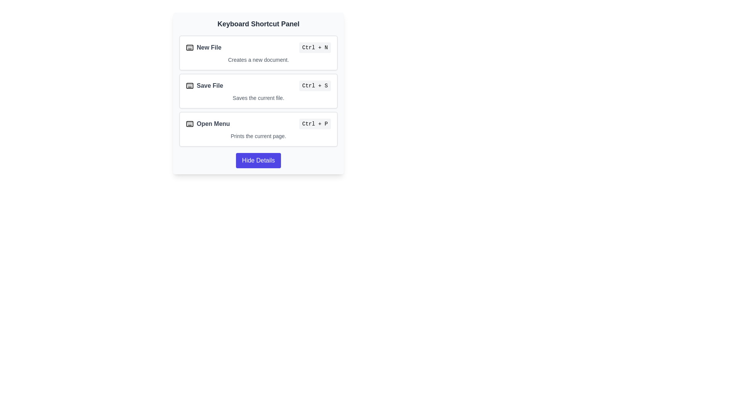 This screenshot has height=412, width=732. What do you see at coordinates (315, 85) in the screenshot?
I see `the text label indicating the keyboard shortcut 'Ctrl + S' for the 'Save File' action, located to the far right of the 'Save File' label` at bounding box center [315, 85].